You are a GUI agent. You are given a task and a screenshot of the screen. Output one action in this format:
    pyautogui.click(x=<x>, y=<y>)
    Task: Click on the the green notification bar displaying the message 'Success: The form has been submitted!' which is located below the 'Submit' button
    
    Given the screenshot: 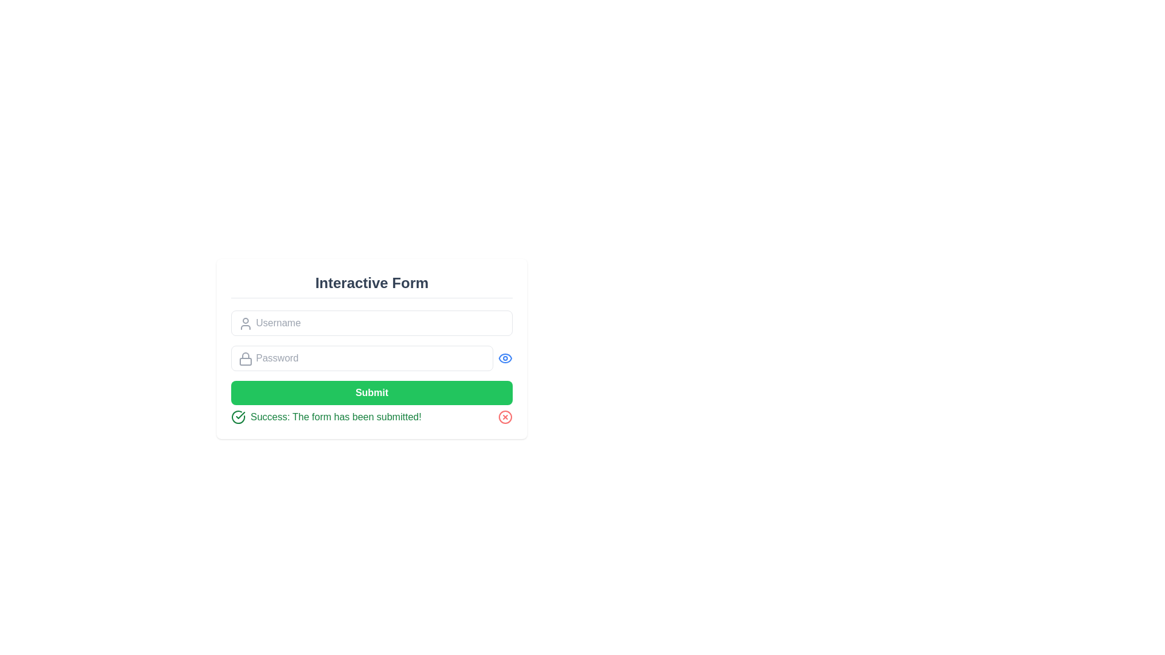 What is the action you would take?
    pyautogui.click(x=371, y=414)
    